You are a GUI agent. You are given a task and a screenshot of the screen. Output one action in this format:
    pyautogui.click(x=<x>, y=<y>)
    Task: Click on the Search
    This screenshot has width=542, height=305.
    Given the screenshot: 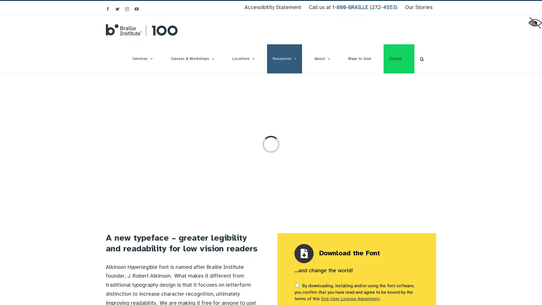 What is the action you would take?
    pyautogui.click(x=422, y=59)
    